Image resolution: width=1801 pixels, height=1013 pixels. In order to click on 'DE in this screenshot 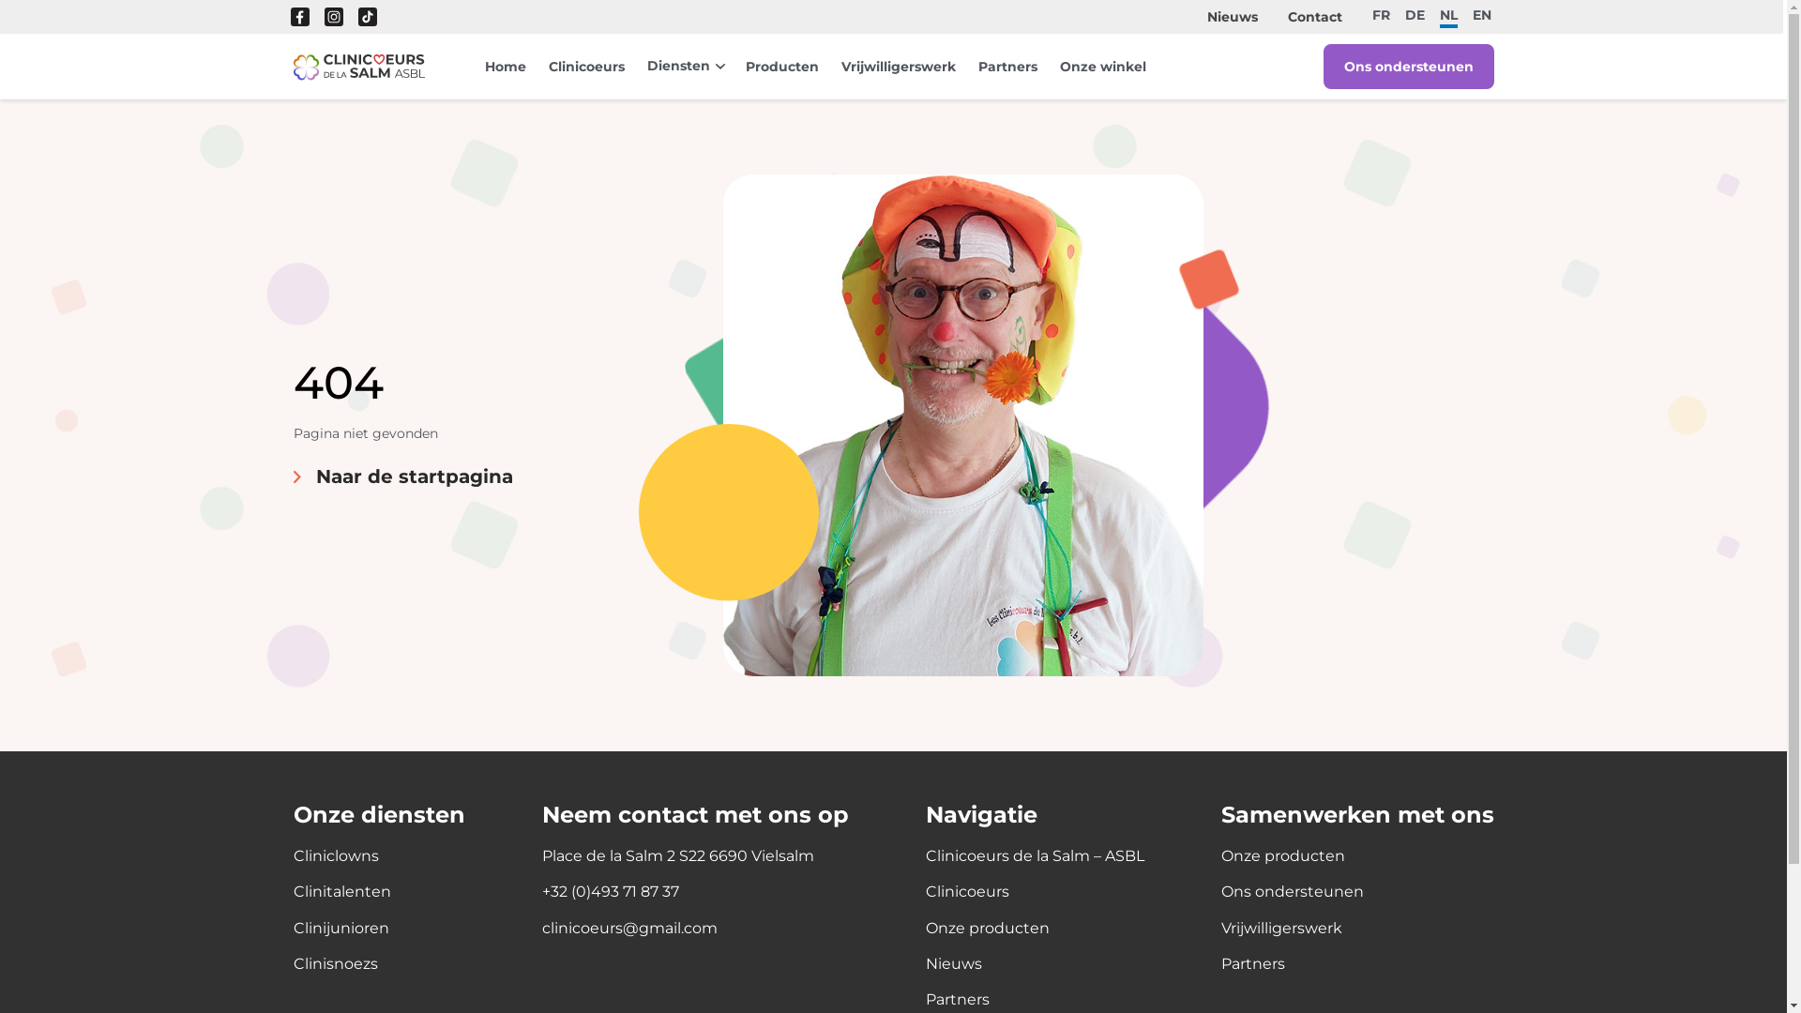, I will do `click(1415, 14)`.